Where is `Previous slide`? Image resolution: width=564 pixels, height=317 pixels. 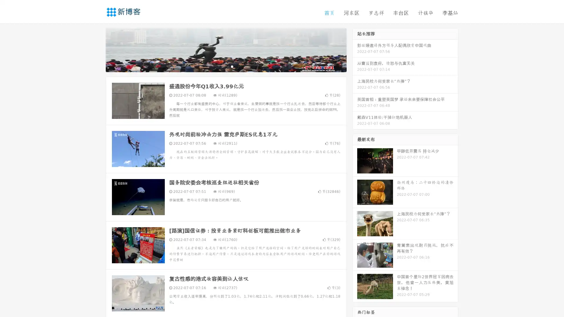
Previous slide is located at coordinates (97, 49).